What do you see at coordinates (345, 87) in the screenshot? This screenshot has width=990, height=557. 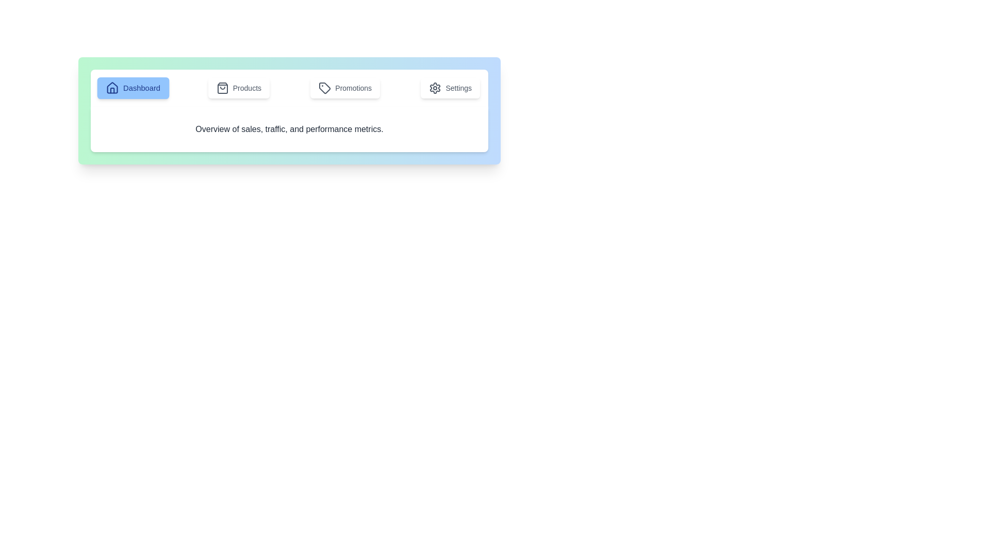 I see `the tab labeled Promotions` at bounding box center [345, 87].